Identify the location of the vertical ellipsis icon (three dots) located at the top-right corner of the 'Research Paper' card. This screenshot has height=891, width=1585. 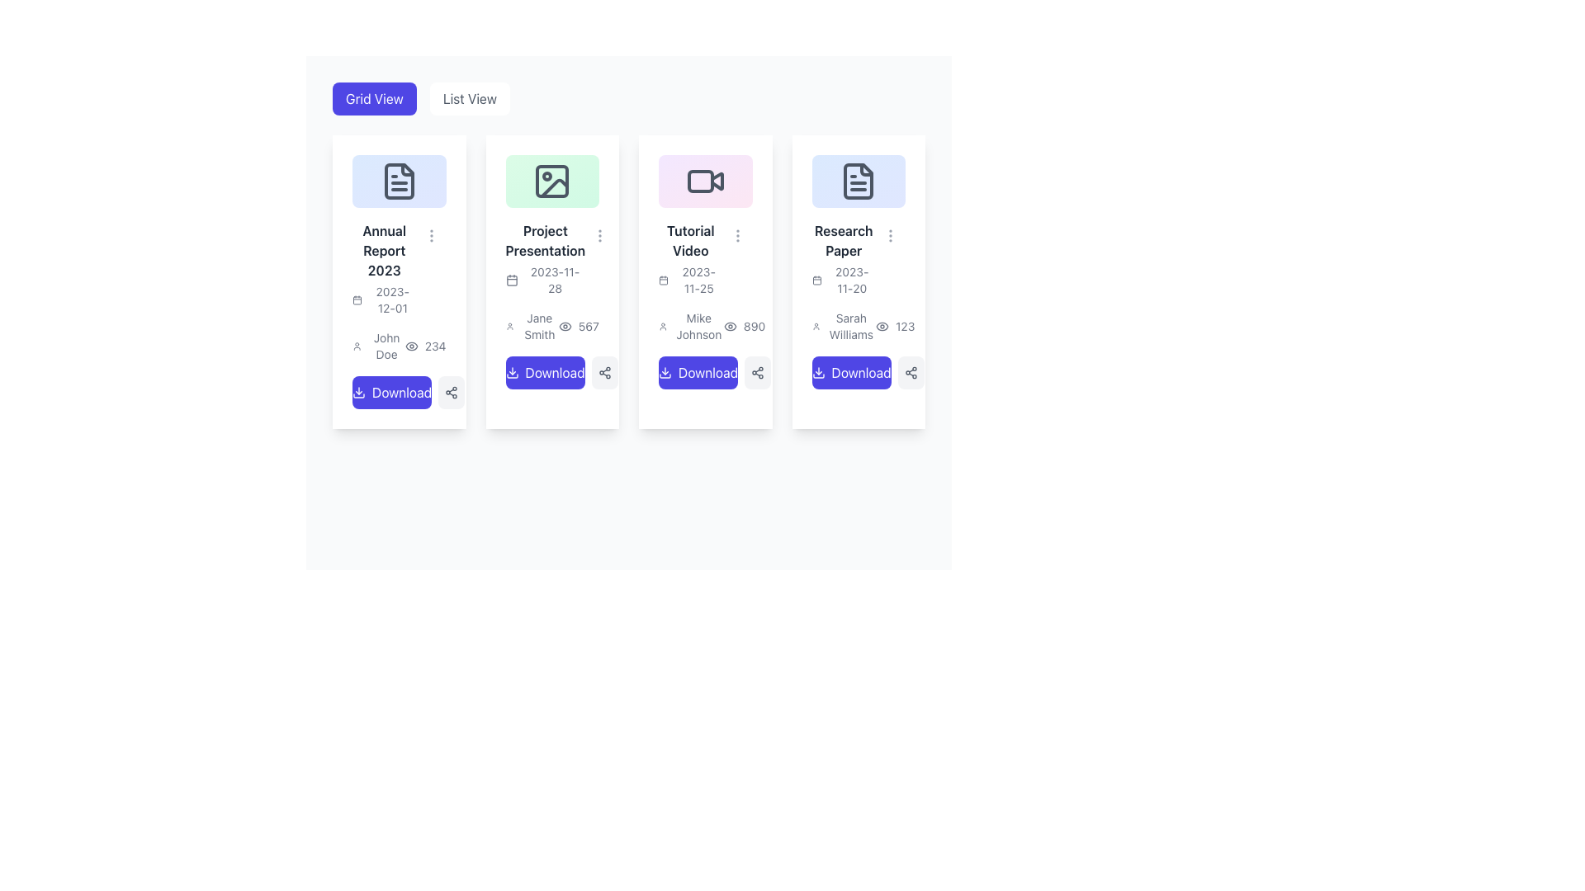
(890, 235).